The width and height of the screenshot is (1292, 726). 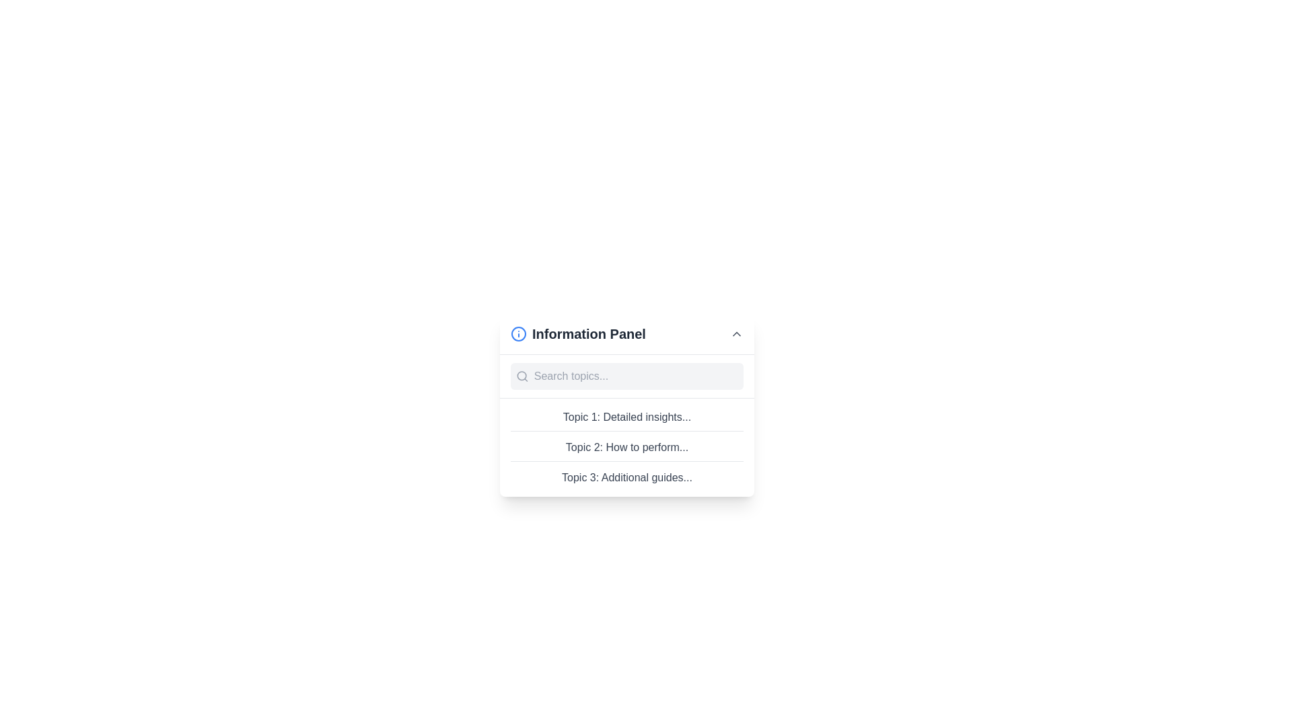 What do you see at coordinates (626, 404) in the screenshot?
I see `individual items within the 'Information Panel' which has a white background, rounded corners, and drop shadow, located at the center of the dialog` at bounding box center [626, 404].